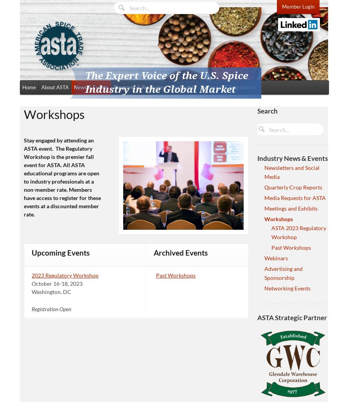 The height and width of the screenshot is (402, 352). Describe the element at coordinates (55, 87) in the screenshot. I see `'About ASTA'` at that location.